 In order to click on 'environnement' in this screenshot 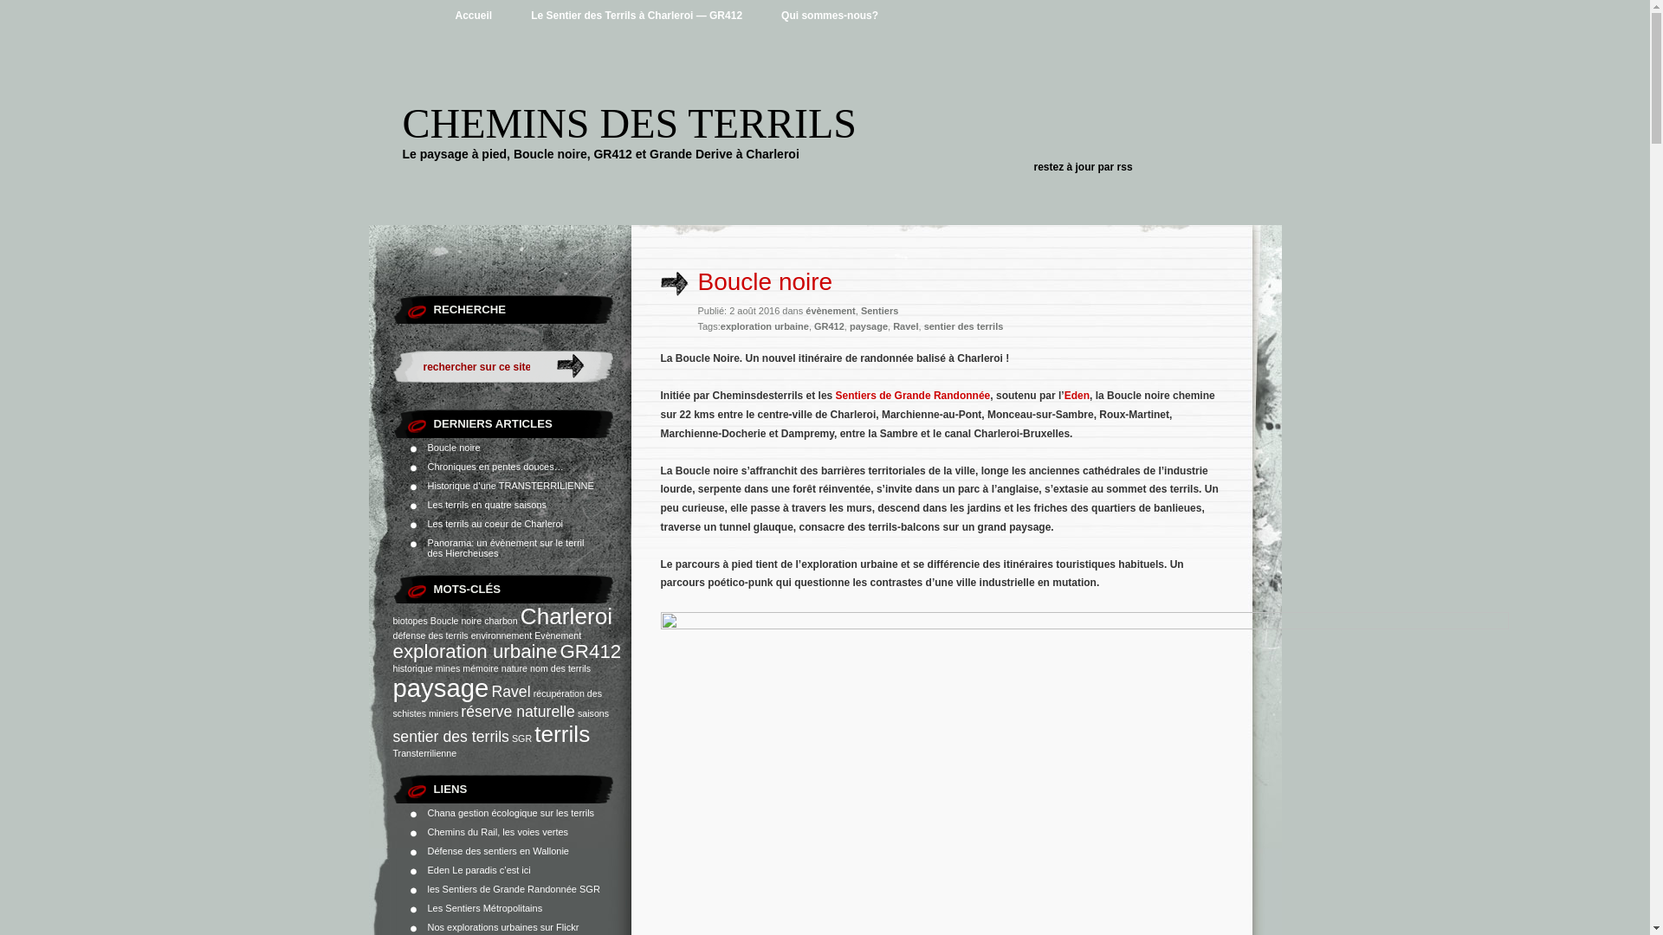, I will do `click(501, 635)`.